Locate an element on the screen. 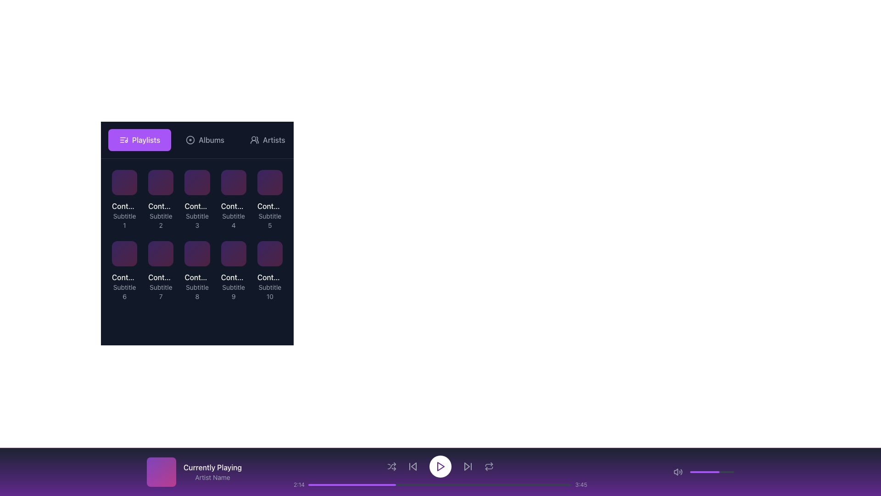 The width and height of the screenshot is (881, 496). the descriptive subtitle text label located below 'Content Title 2' in the second row of the grid layout, which is centered in the second column is located at coordinates (161, 221).